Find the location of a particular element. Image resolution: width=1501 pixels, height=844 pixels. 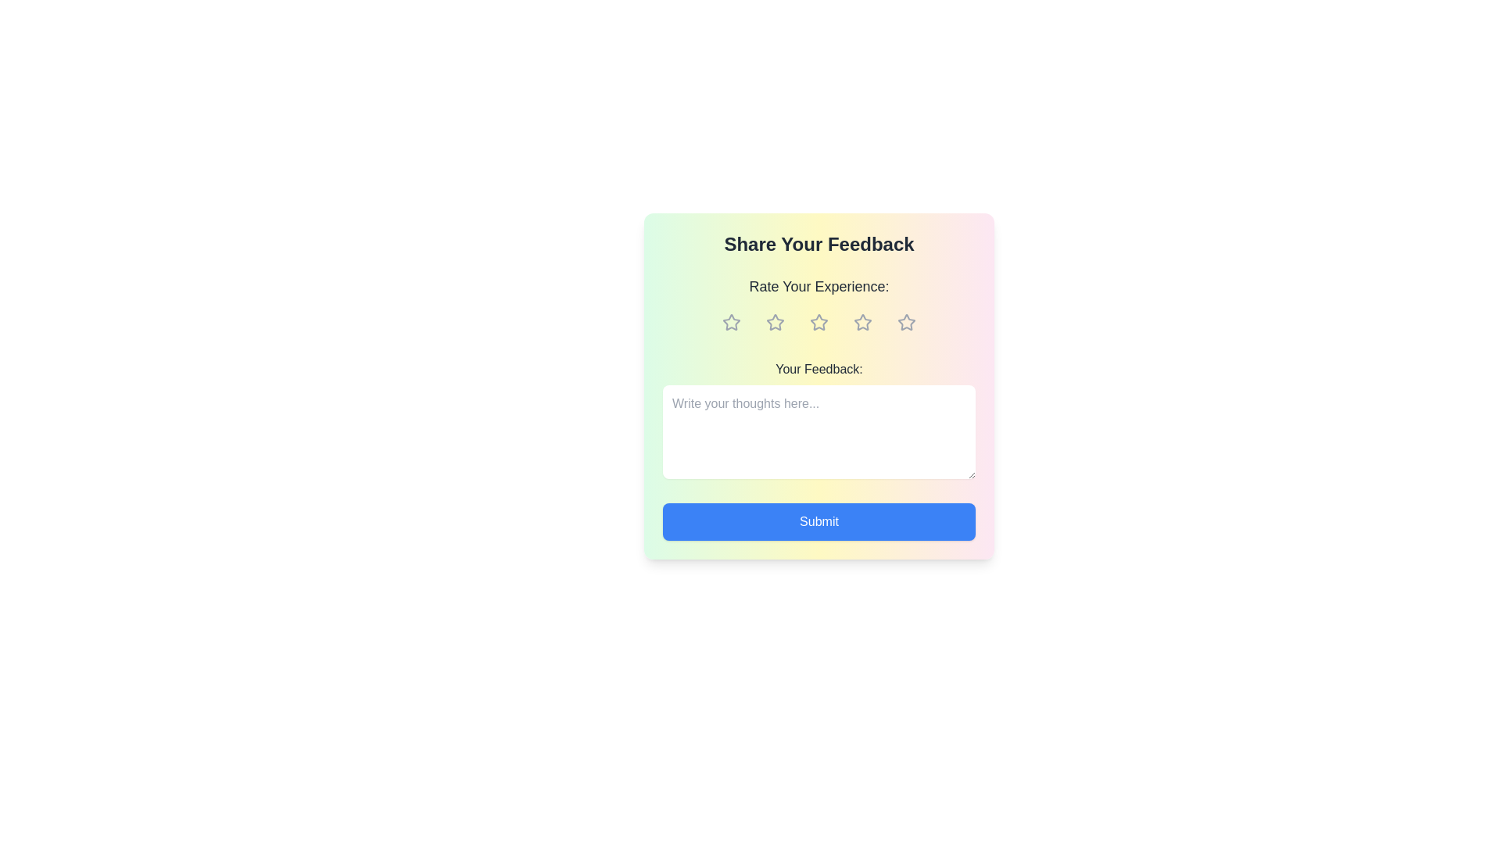

the fourth star icon in the five-star rating widget is located at coordinates (862, 321).